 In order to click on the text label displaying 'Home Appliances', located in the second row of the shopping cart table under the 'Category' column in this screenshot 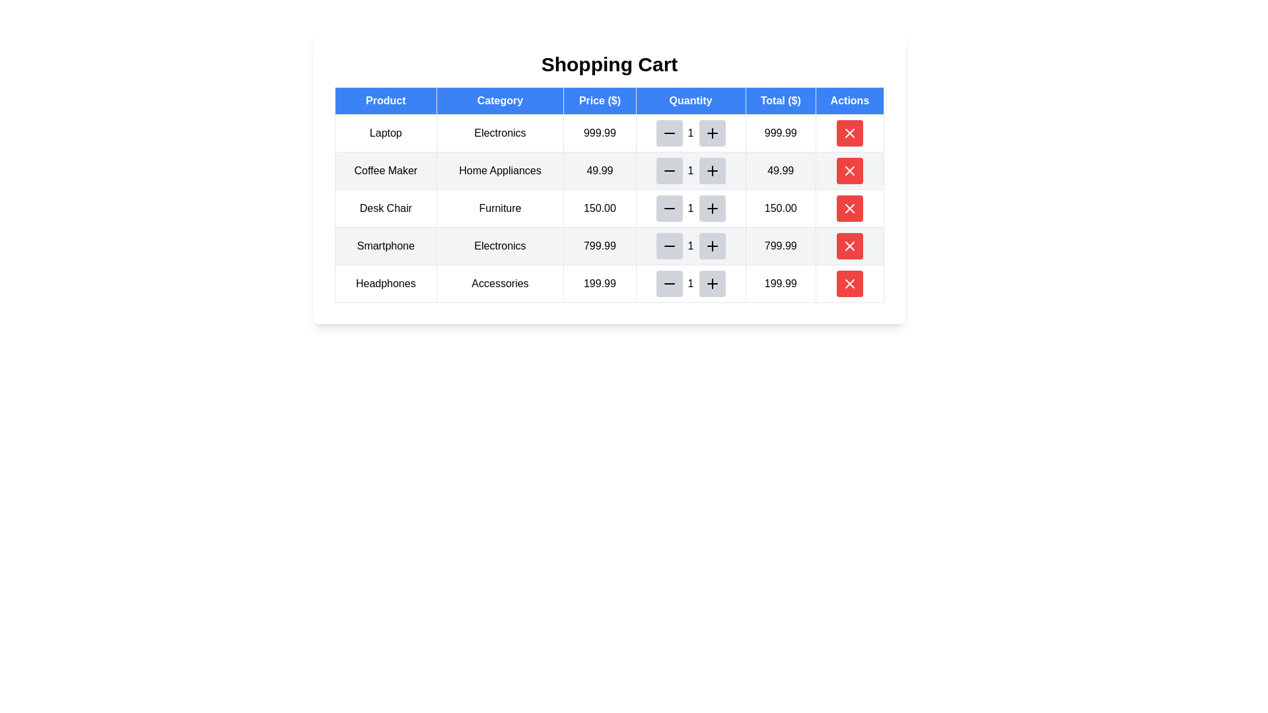, I will do `click(499, 170)`.